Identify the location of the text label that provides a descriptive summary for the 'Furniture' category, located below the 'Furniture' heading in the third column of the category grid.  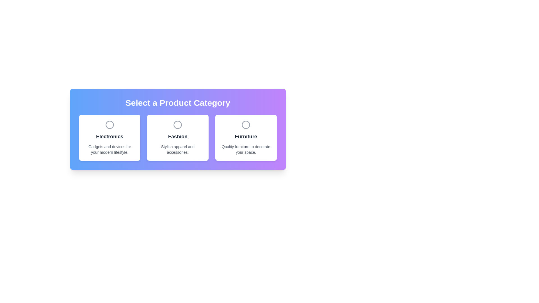
(246, 149).